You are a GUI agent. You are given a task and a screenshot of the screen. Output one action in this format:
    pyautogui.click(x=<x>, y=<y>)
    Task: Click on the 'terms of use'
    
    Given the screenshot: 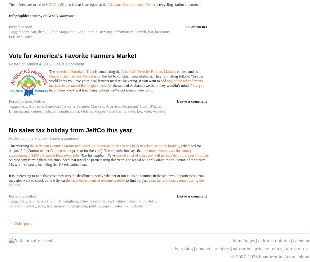 What is the action you would take?
    pyautogui.click(x=297, y=248)
    